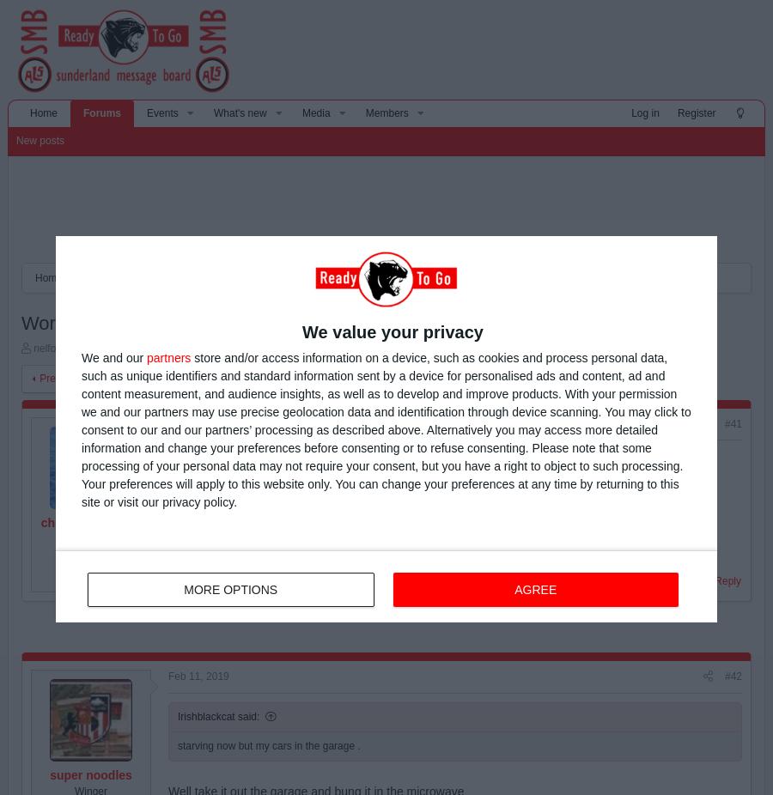 The image size is (773, 795). Describe the element at coordinates (724, 677) in the screenshot. I see `'#42'` at that location.